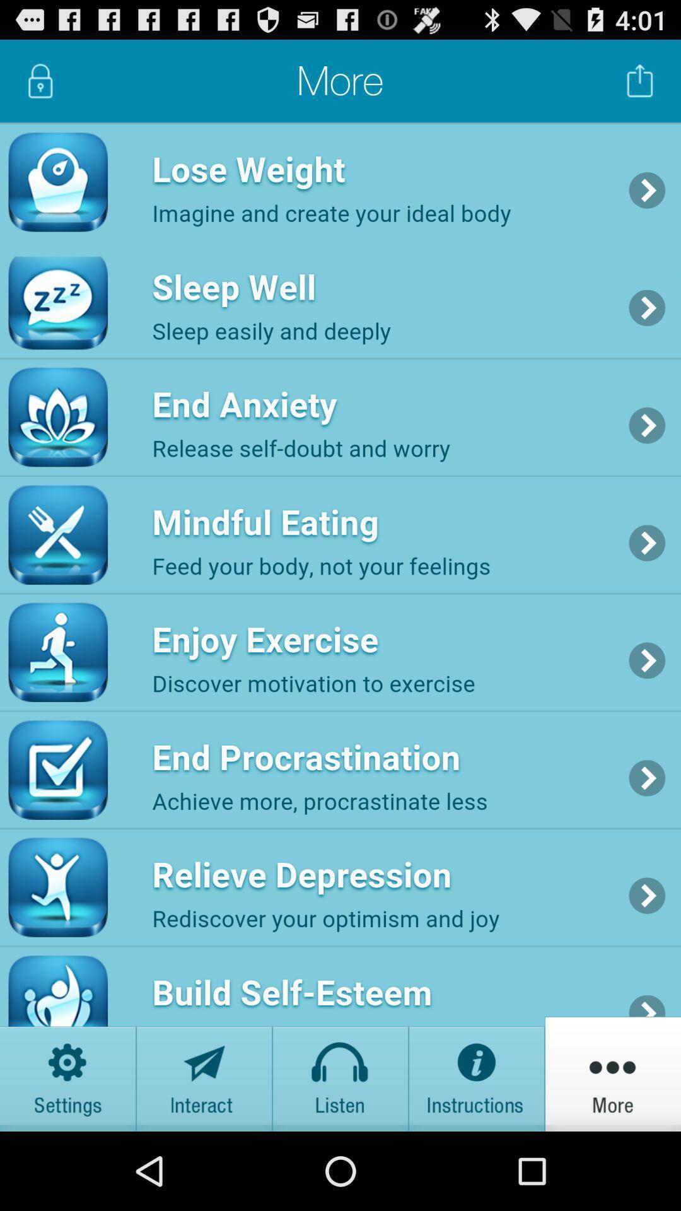  I want to click on cog wheel button is settings, so click(68, 1073).